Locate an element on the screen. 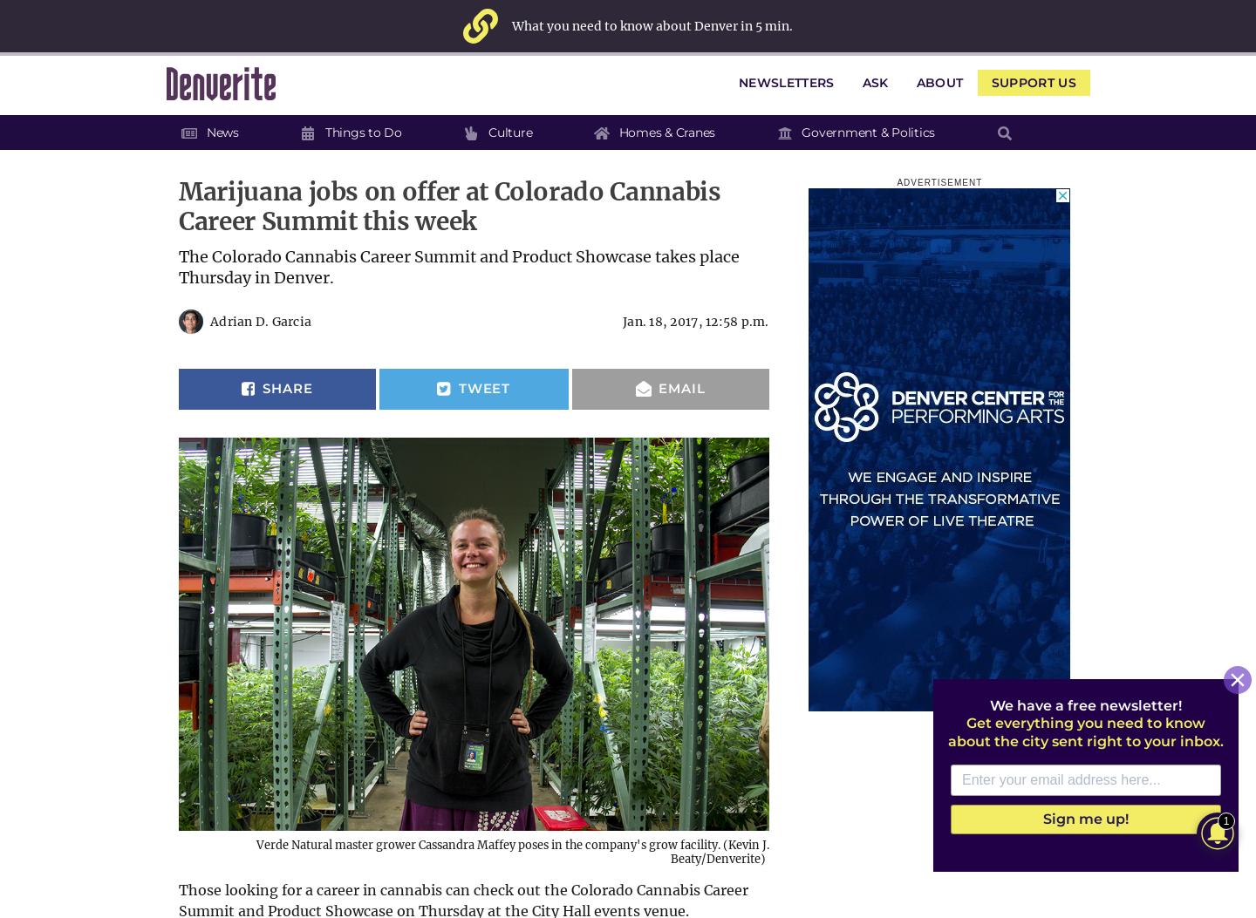 This screenshot has width=1256, height=918. 'Culture' is located at coordinates (509, 131).